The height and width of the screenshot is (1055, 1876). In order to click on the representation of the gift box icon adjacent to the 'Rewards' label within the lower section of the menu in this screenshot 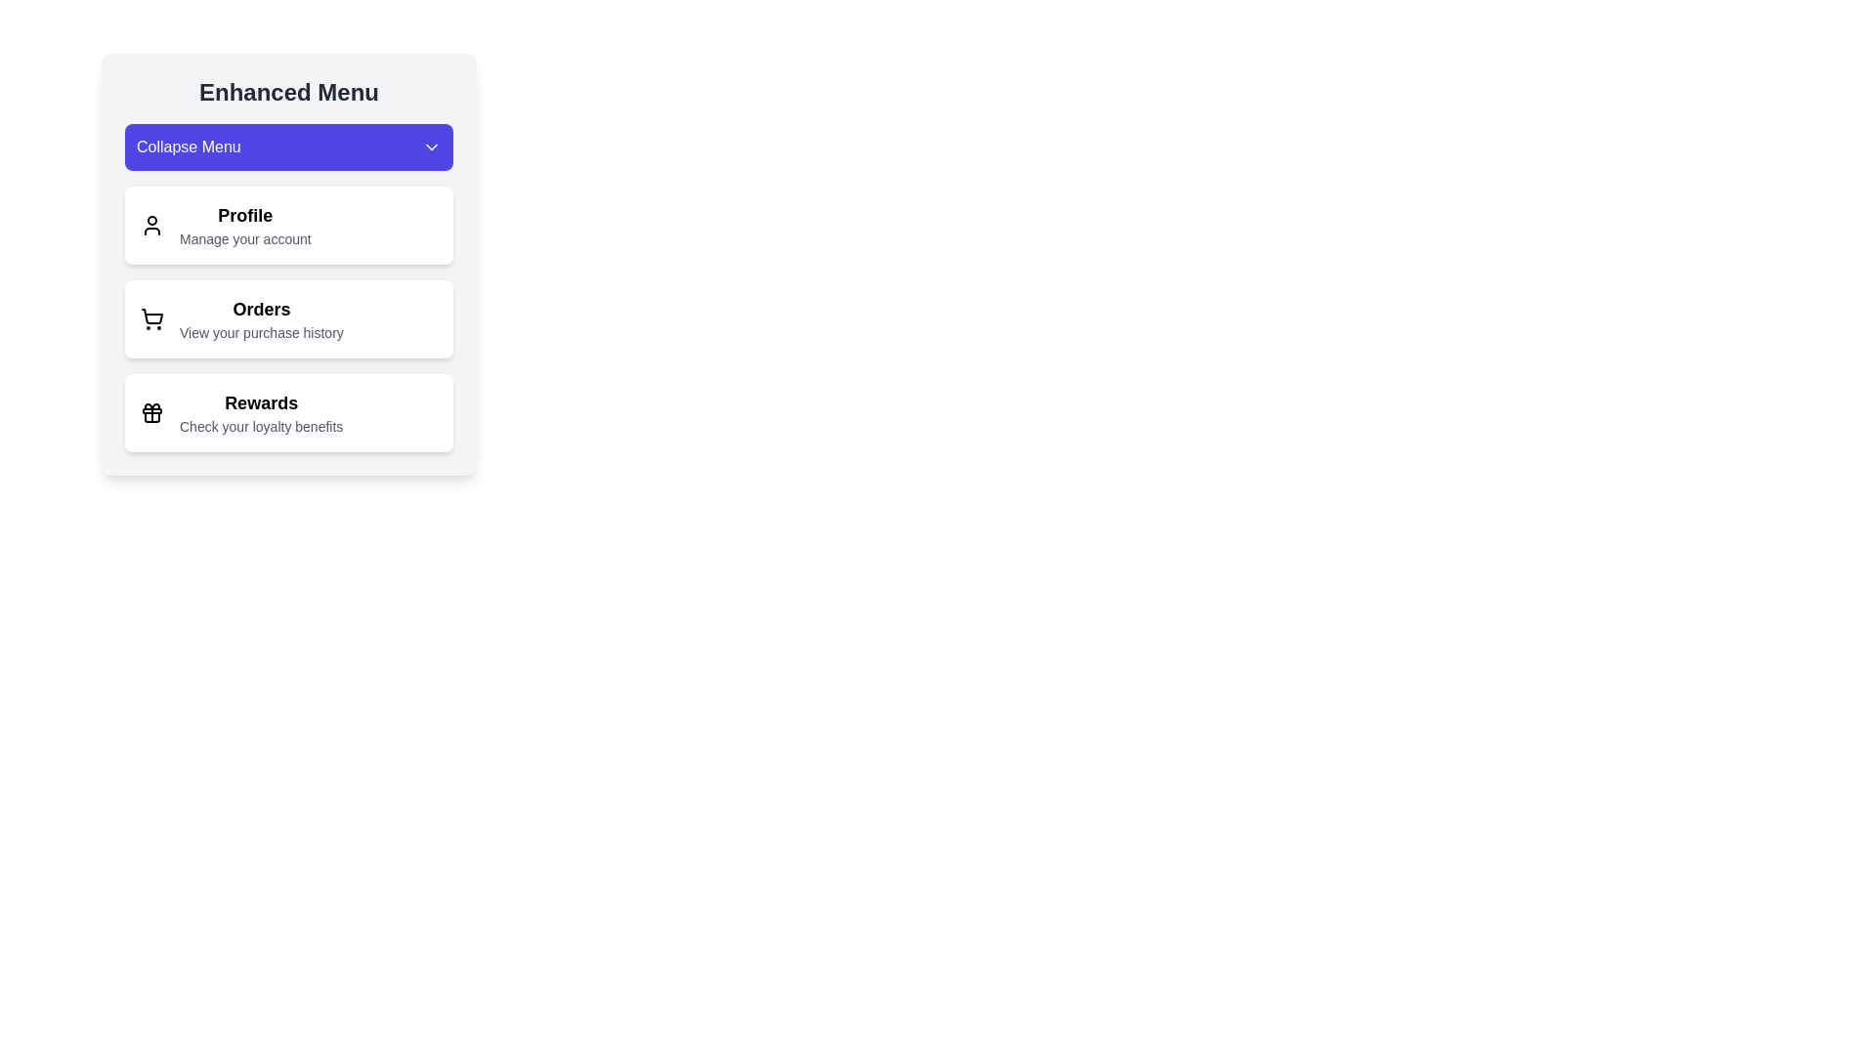, I will do `click(151, 412)`.